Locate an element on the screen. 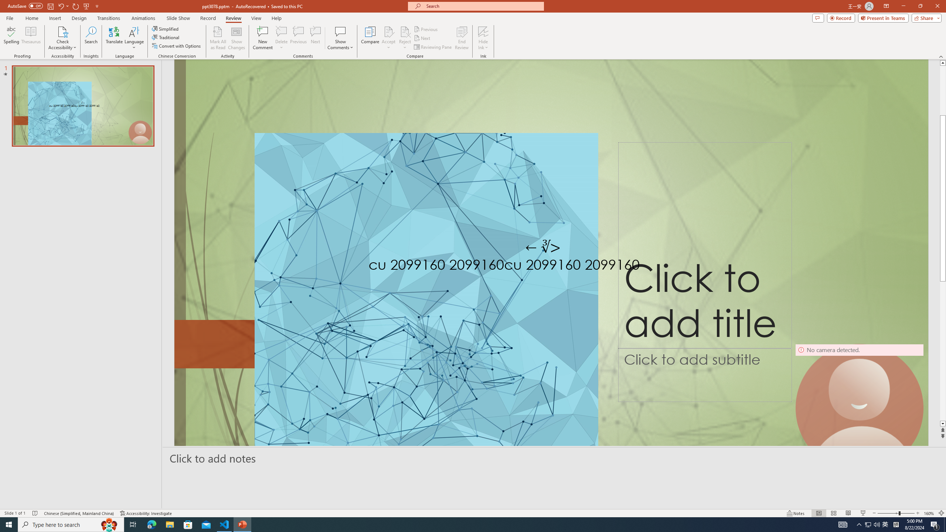  'Animations' is located at coordinates (143, 18).